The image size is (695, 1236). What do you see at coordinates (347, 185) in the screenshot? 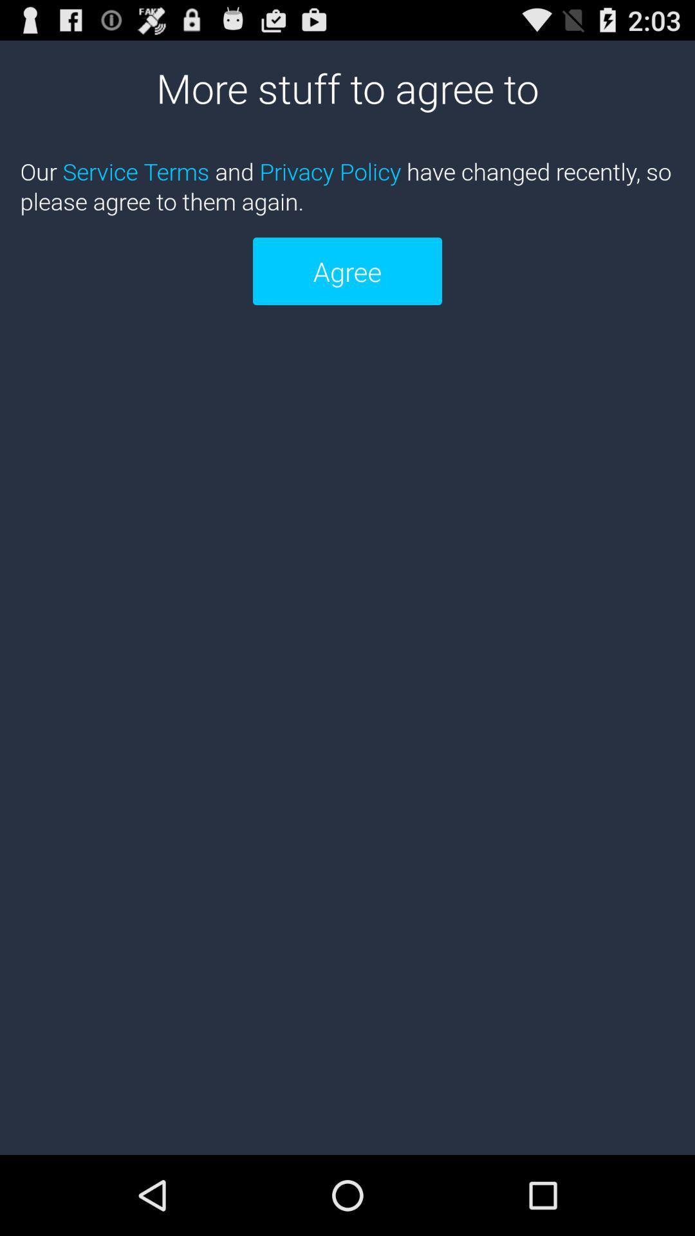
I see `the our service terms` at bounding box center [347, 185].